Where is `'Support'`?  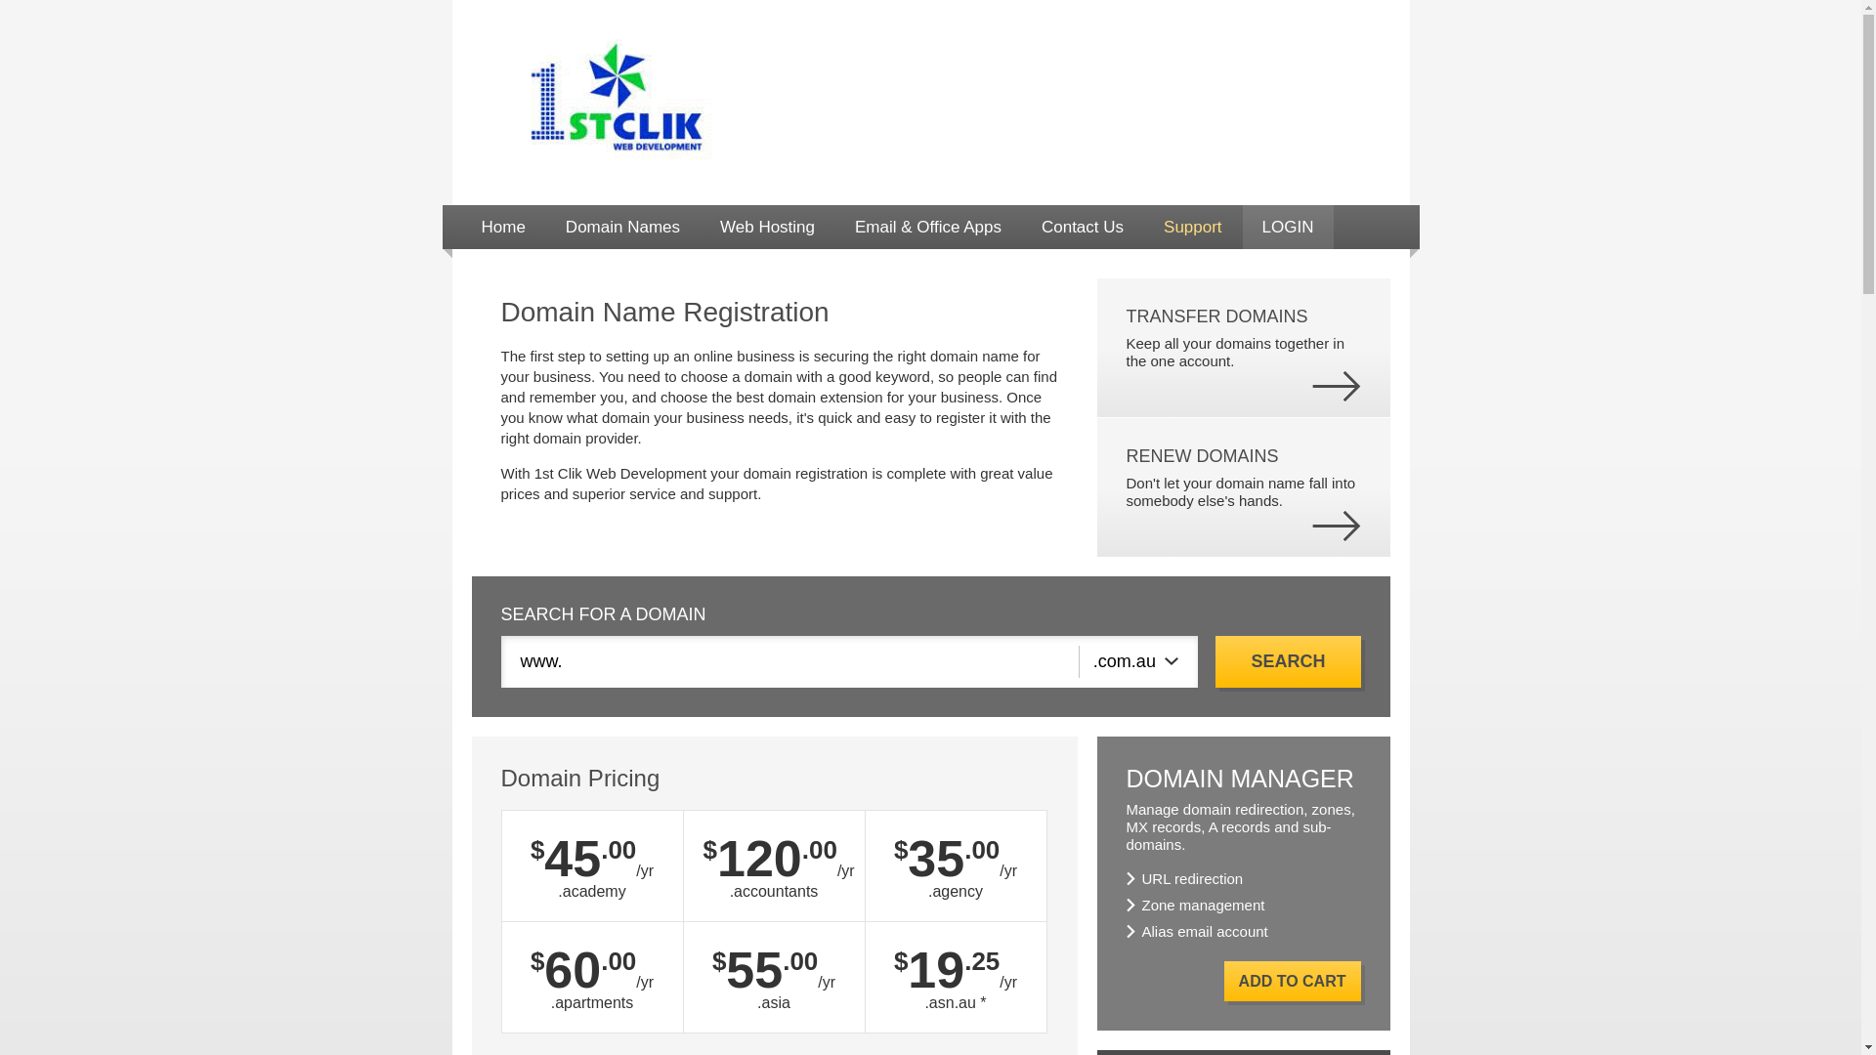
'Support' is located at coordinates (1144, 226).